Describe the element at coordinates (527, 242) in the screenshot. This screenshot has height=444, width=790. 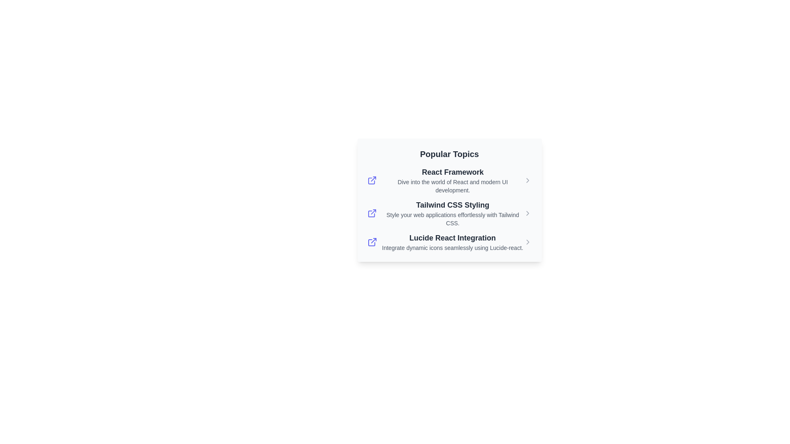
I see `the right chevron icon located at the far-right side of the 'Lucide React Integration' entry` at that location.